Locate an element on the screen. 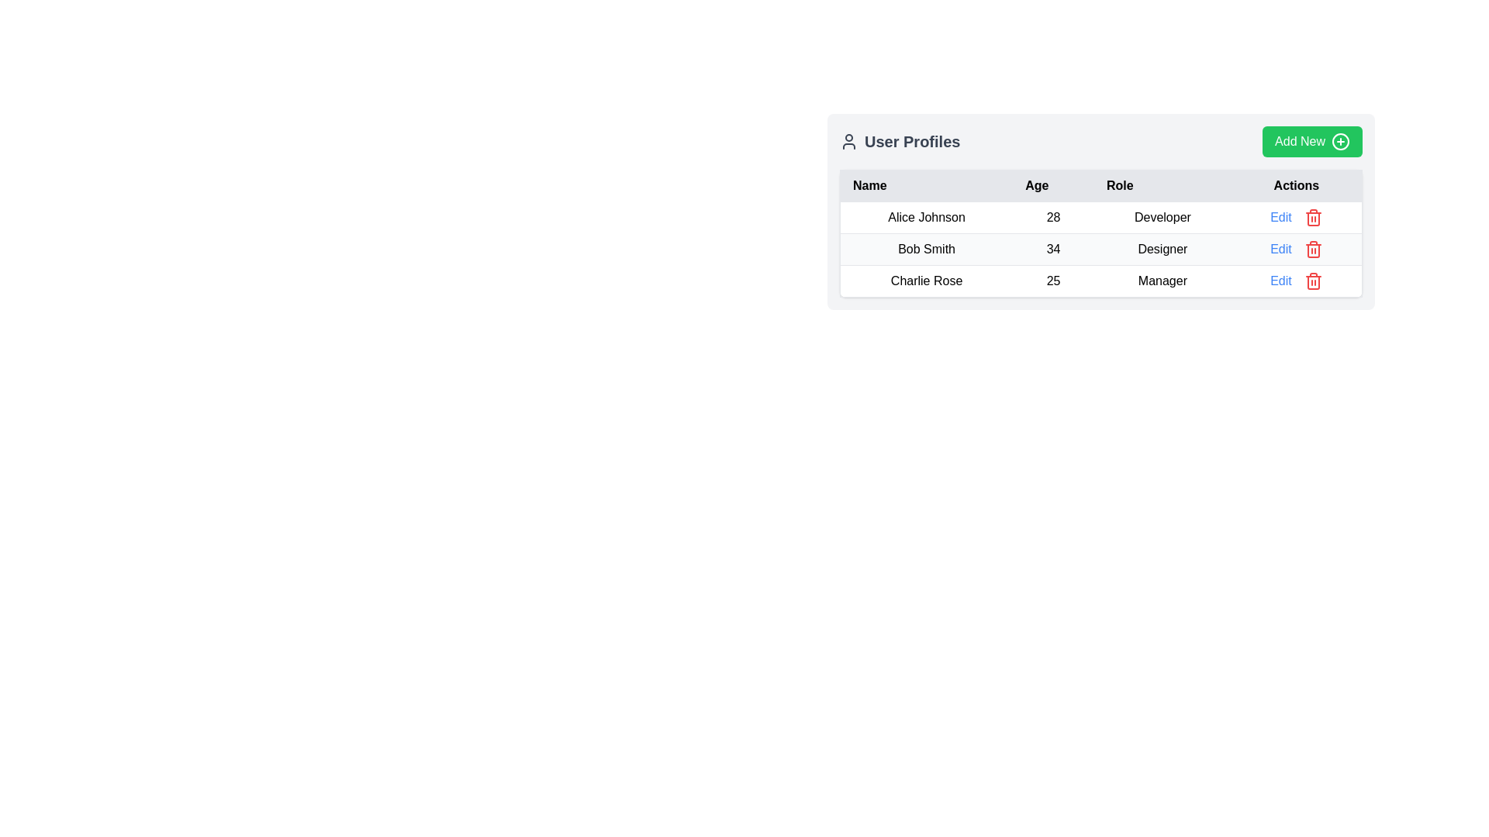 This screenshot has height=837, width=1489. the non-interactive display of numerical data representing the age of the user 'Bob Smith' in the 'Age' column of the table, located in the second row is located at coordinates (1053, 248).